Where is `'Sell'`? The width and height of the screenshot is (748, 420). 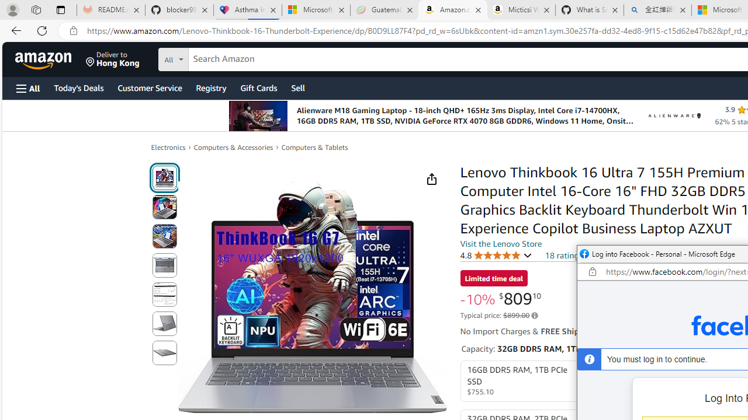 'Sell' is located at coordinates (298, 87).